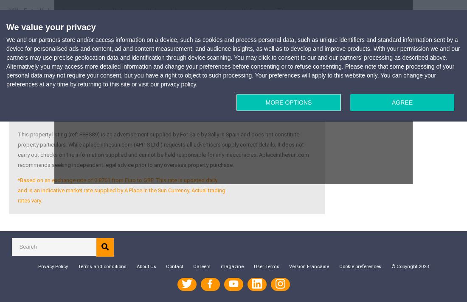  Describe the element at coordinates (77, 266) in the screenshot. I see `'Terms and conditions'` at that location.